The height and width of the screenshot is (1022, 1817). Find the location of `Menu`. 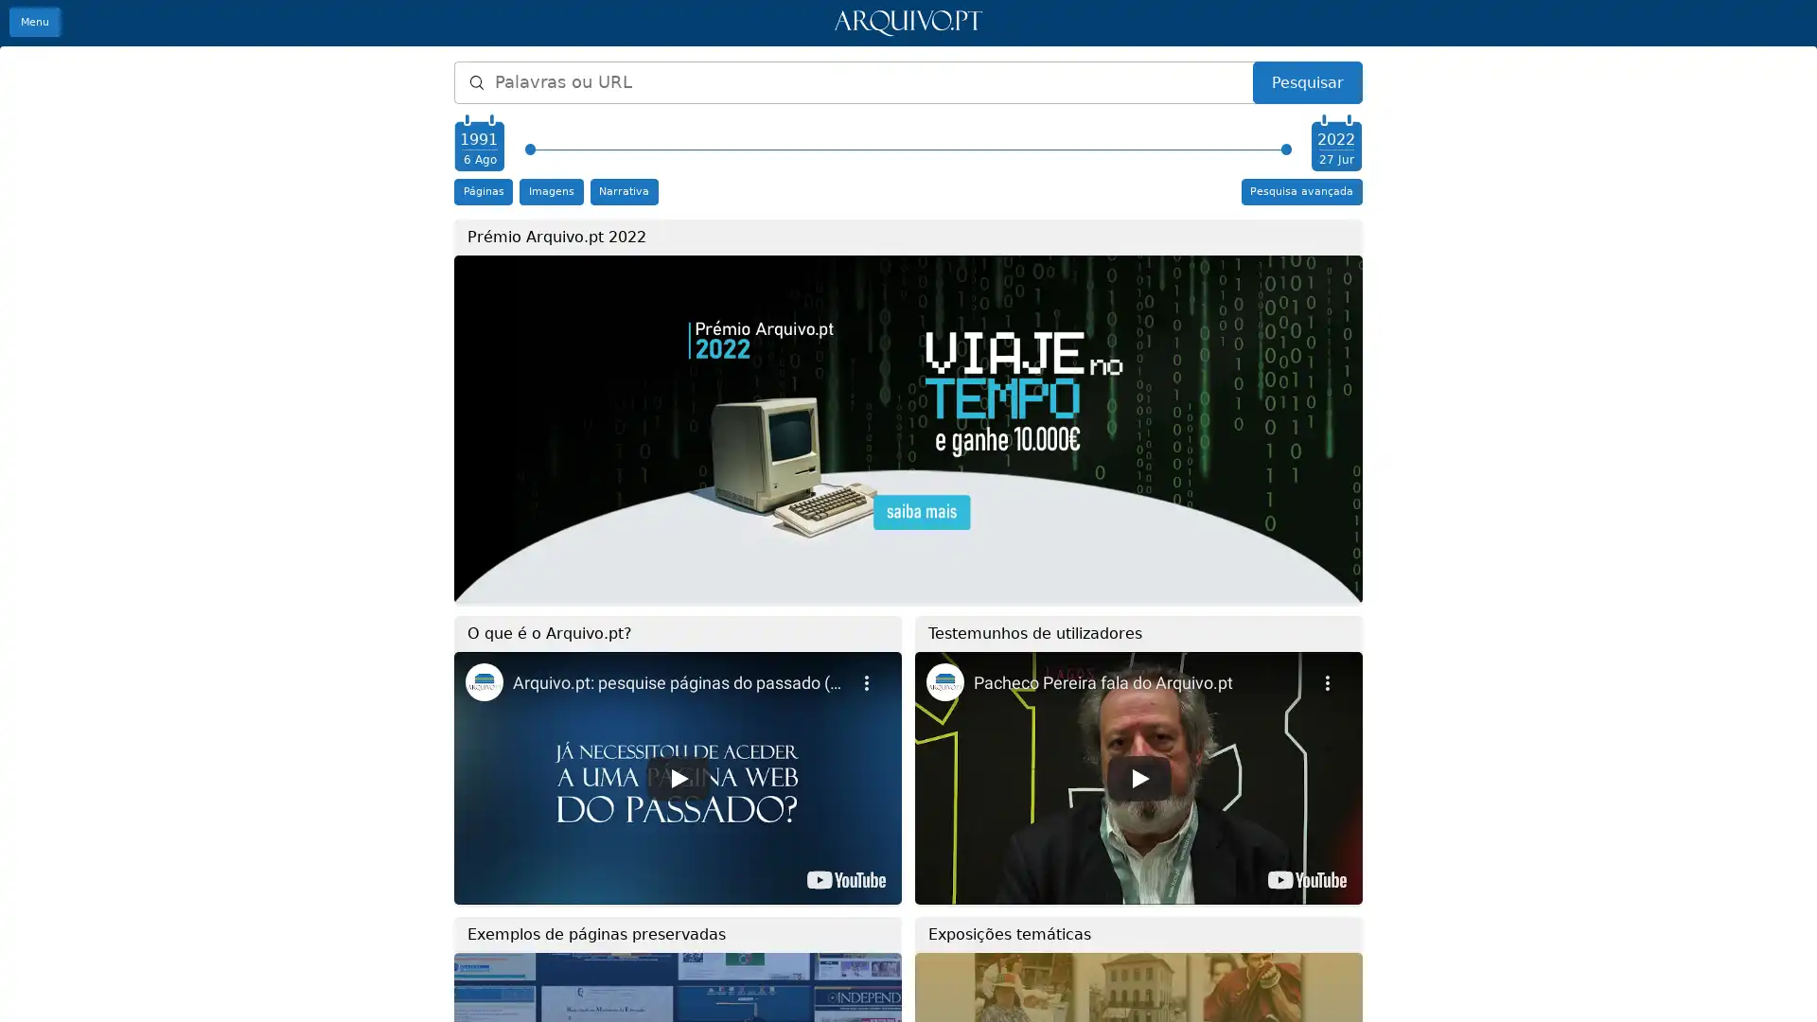

Menu is located at coordinates (35, 22).